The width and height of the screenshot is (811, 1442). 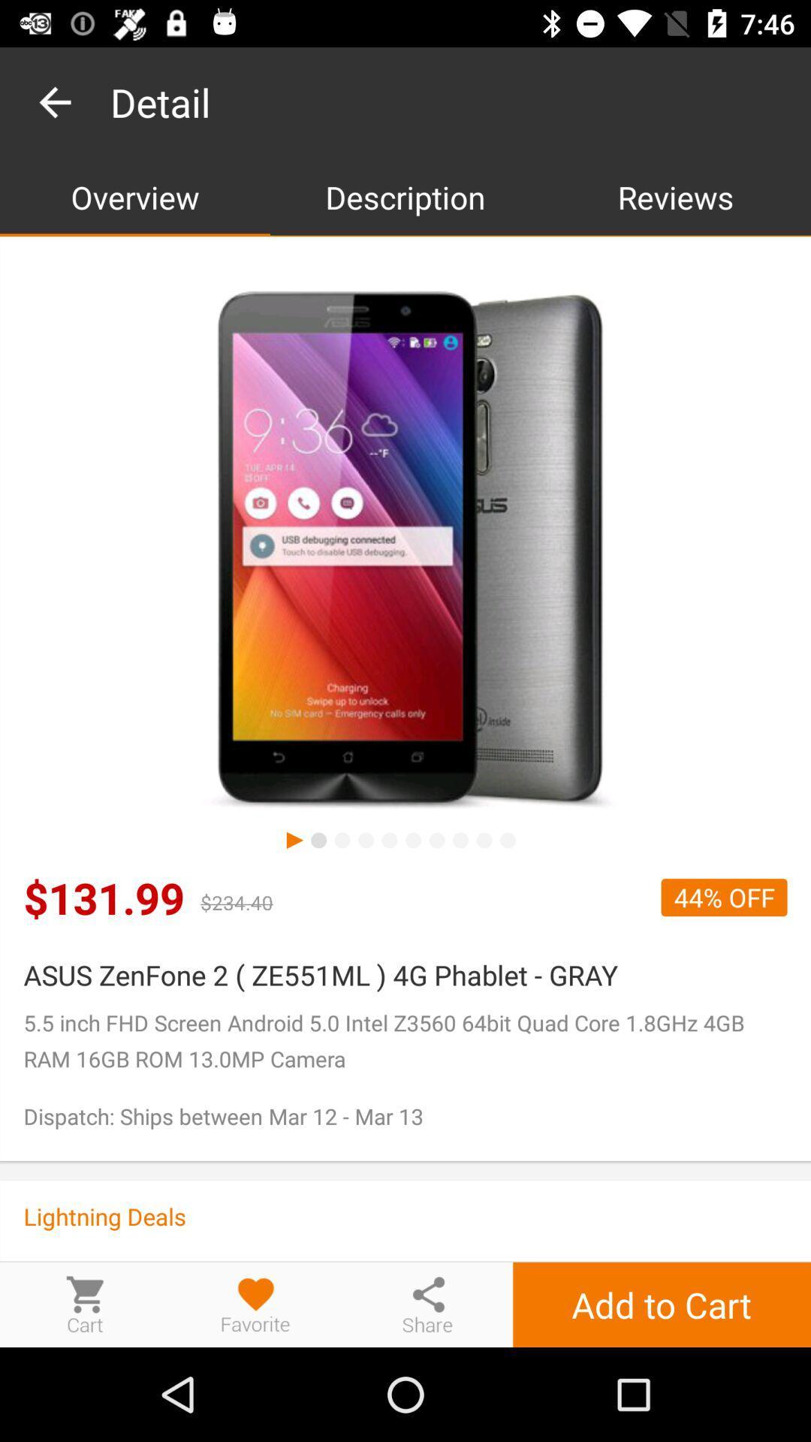 What do you see at coordinates (405, 196) in the screenshot?
I see `the item next to reviews app` at bounding box center [405, 196].